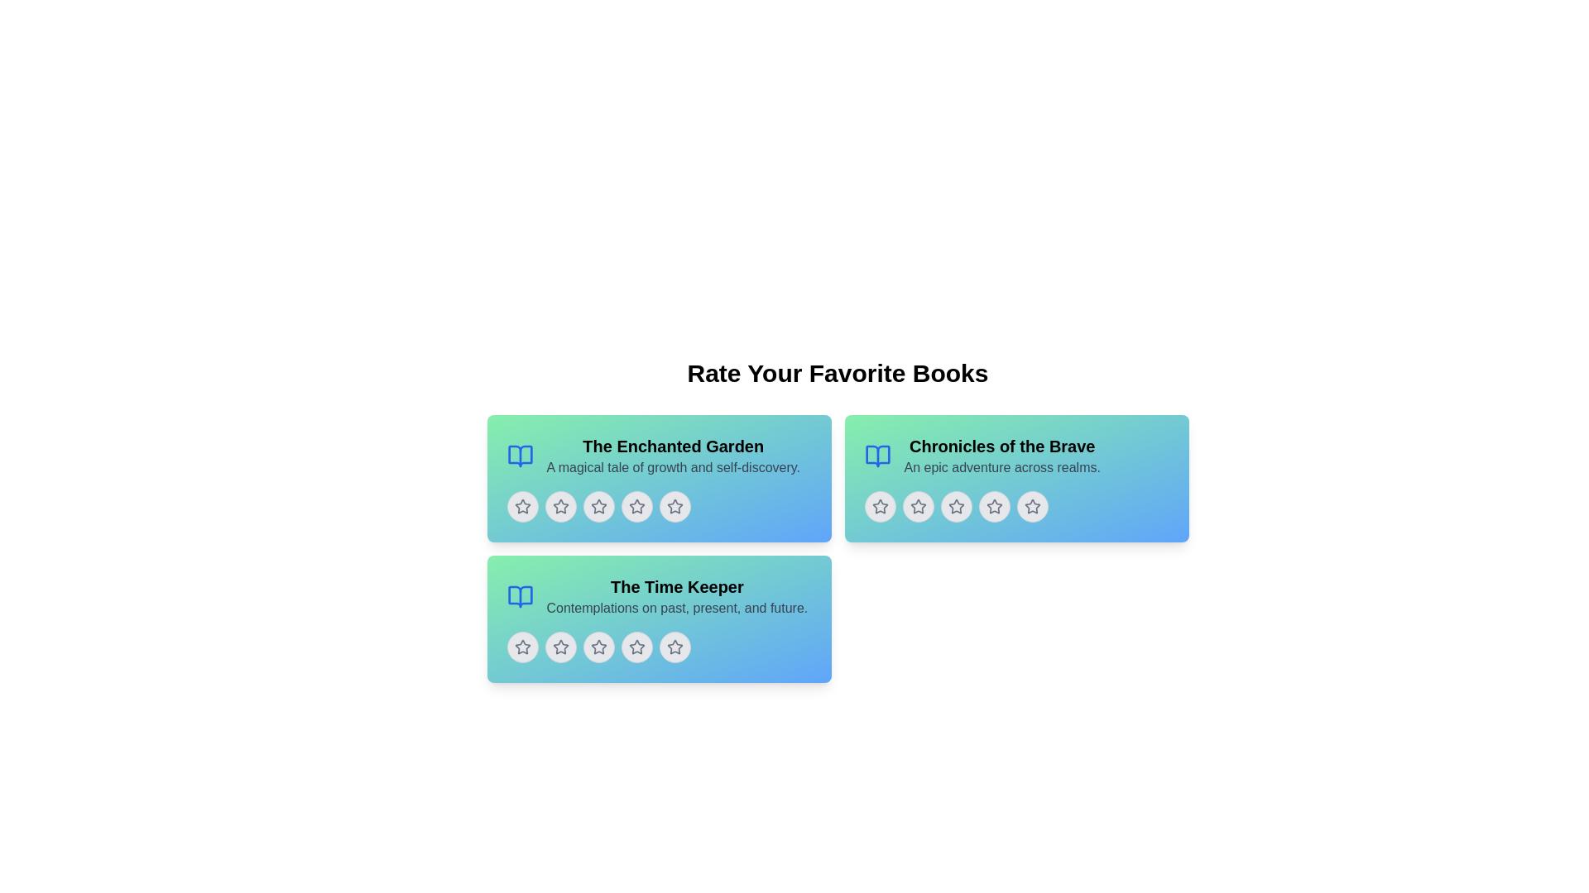 The image size is (1589, 893). What do you see at coordinates (560, 505) in the screenshot?
I see `the second star in the group of five rating stars below the text description of the book 'The Enchanted Garden'` at bounding box center [560, 505].